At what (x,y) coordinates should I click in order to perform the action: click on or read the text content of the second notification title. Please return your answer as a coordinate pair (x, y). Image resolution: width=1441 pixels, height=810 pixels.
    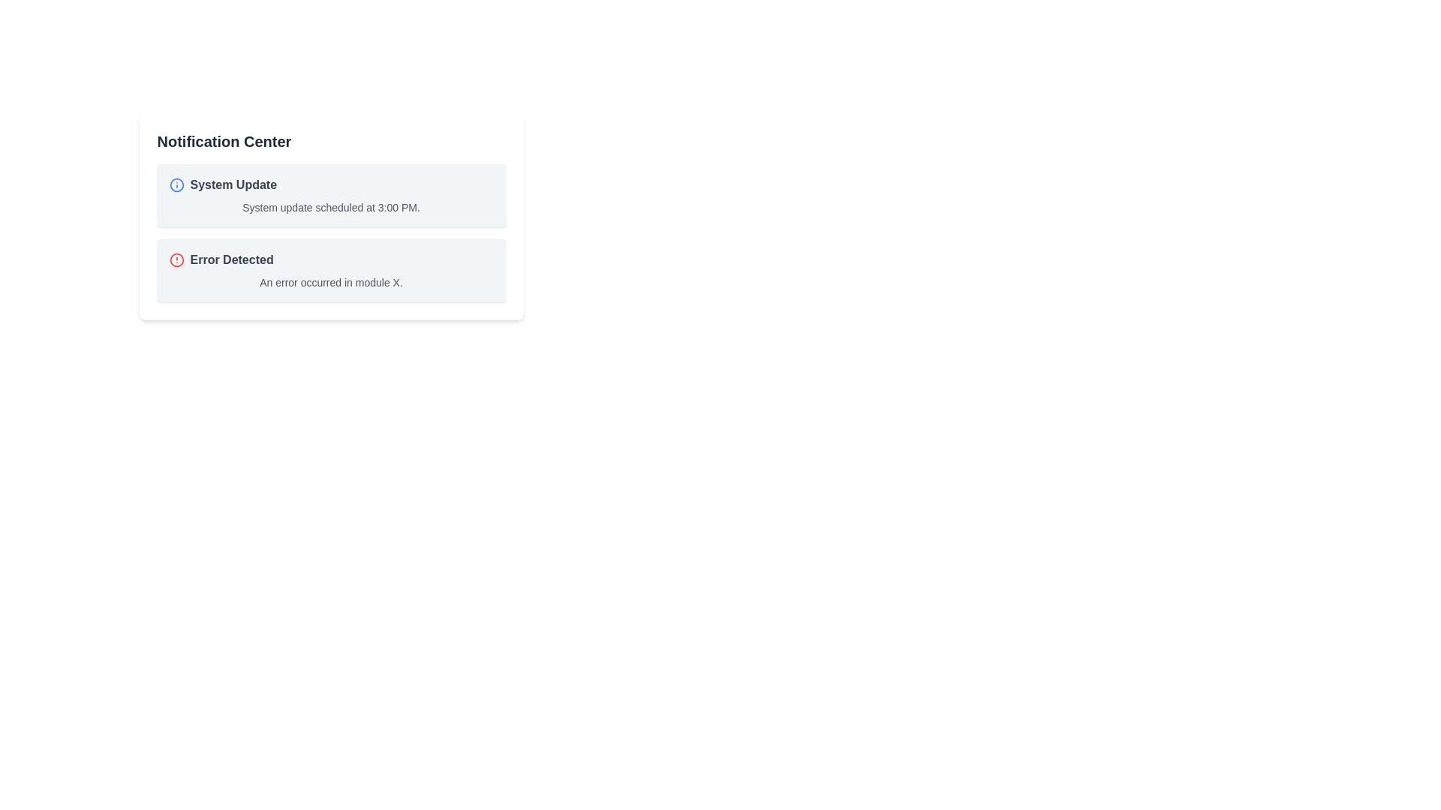
    Looking at the image, I should click on (231, 259).